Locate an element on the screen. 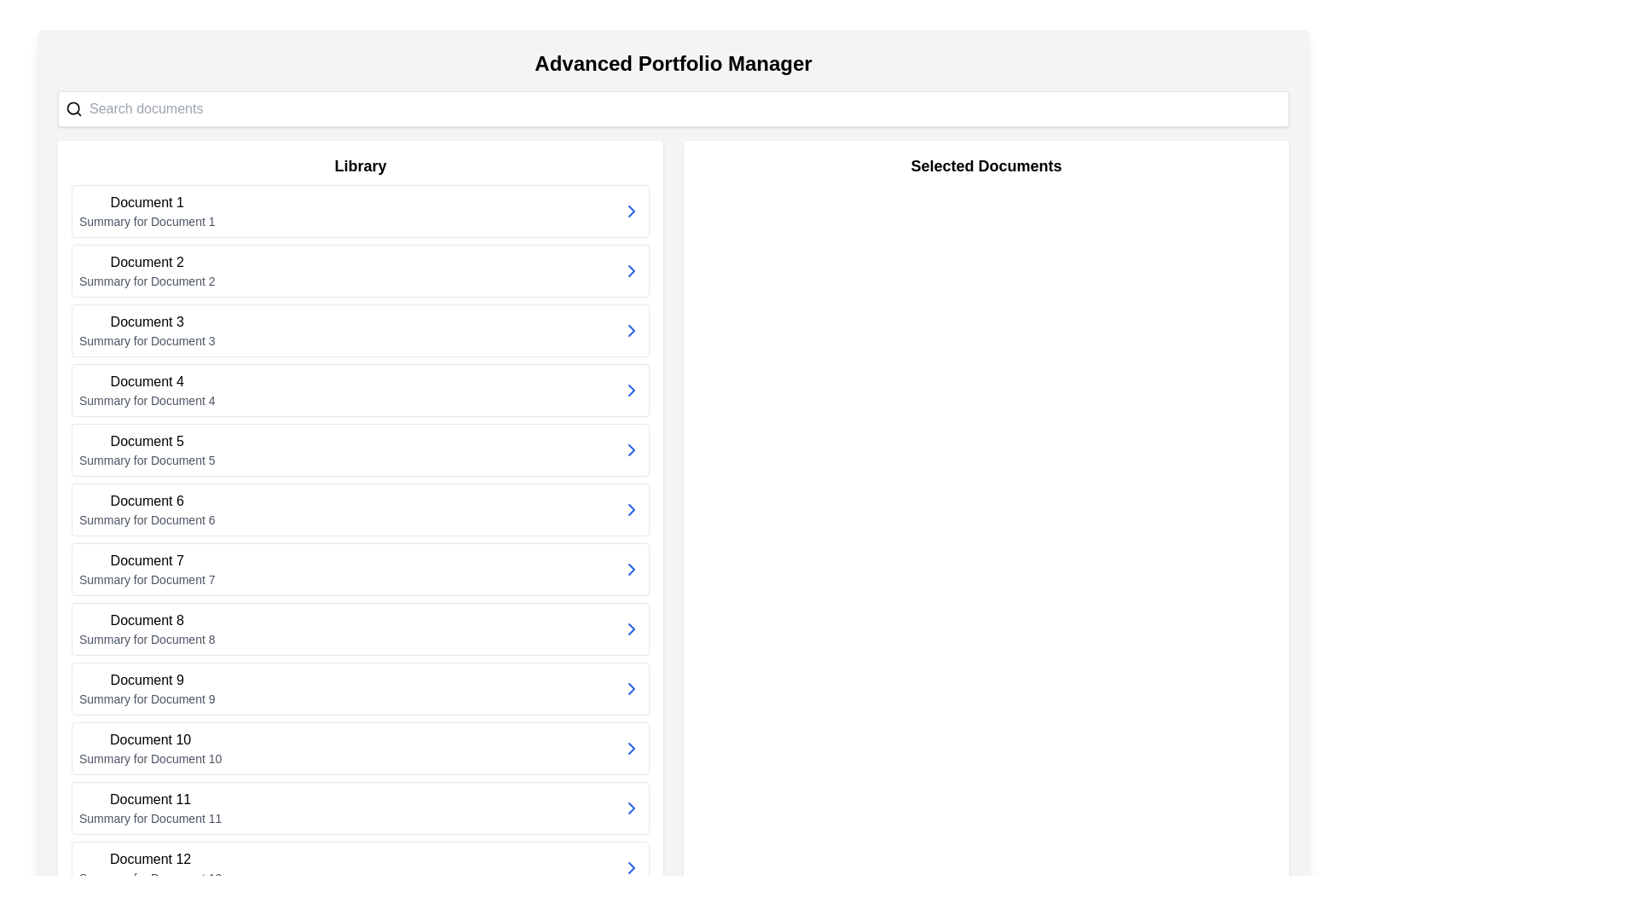 This screenshot has width=1637, height=921. the action indicator icon located on the right side of the document entry row in the library section is located at coordinates (630, 569).